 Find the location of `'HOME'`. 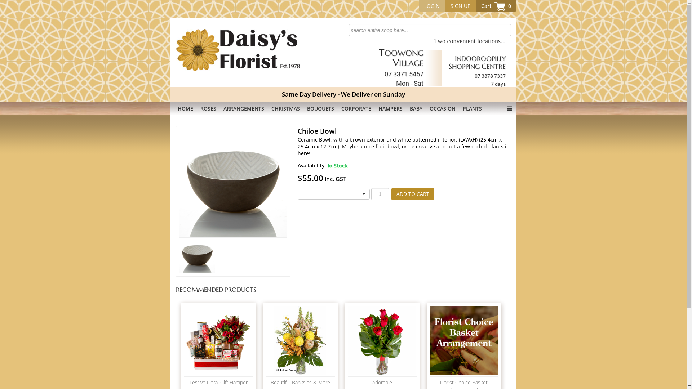

'HOME' is located at coordinates (185, 108).